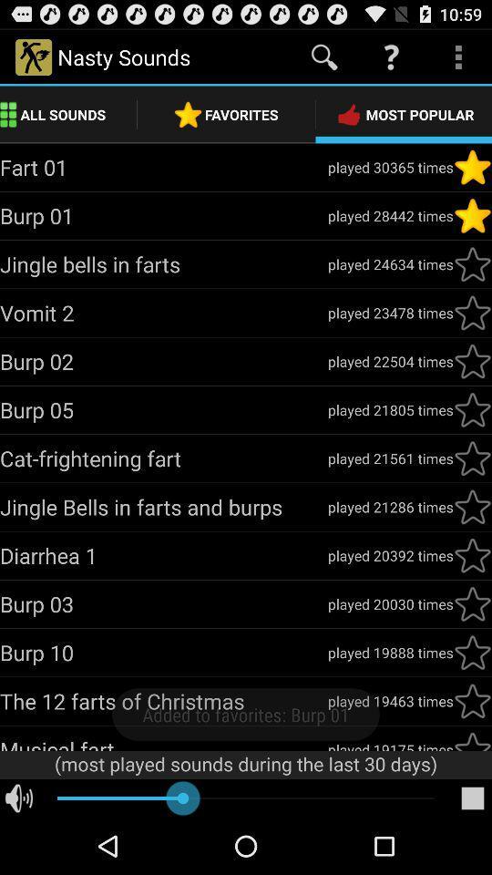 The height and width of the screenshot is (875, 492). Describe the element at coordinates (472, 554) in the screenshot. I see `to favorites` at that location.